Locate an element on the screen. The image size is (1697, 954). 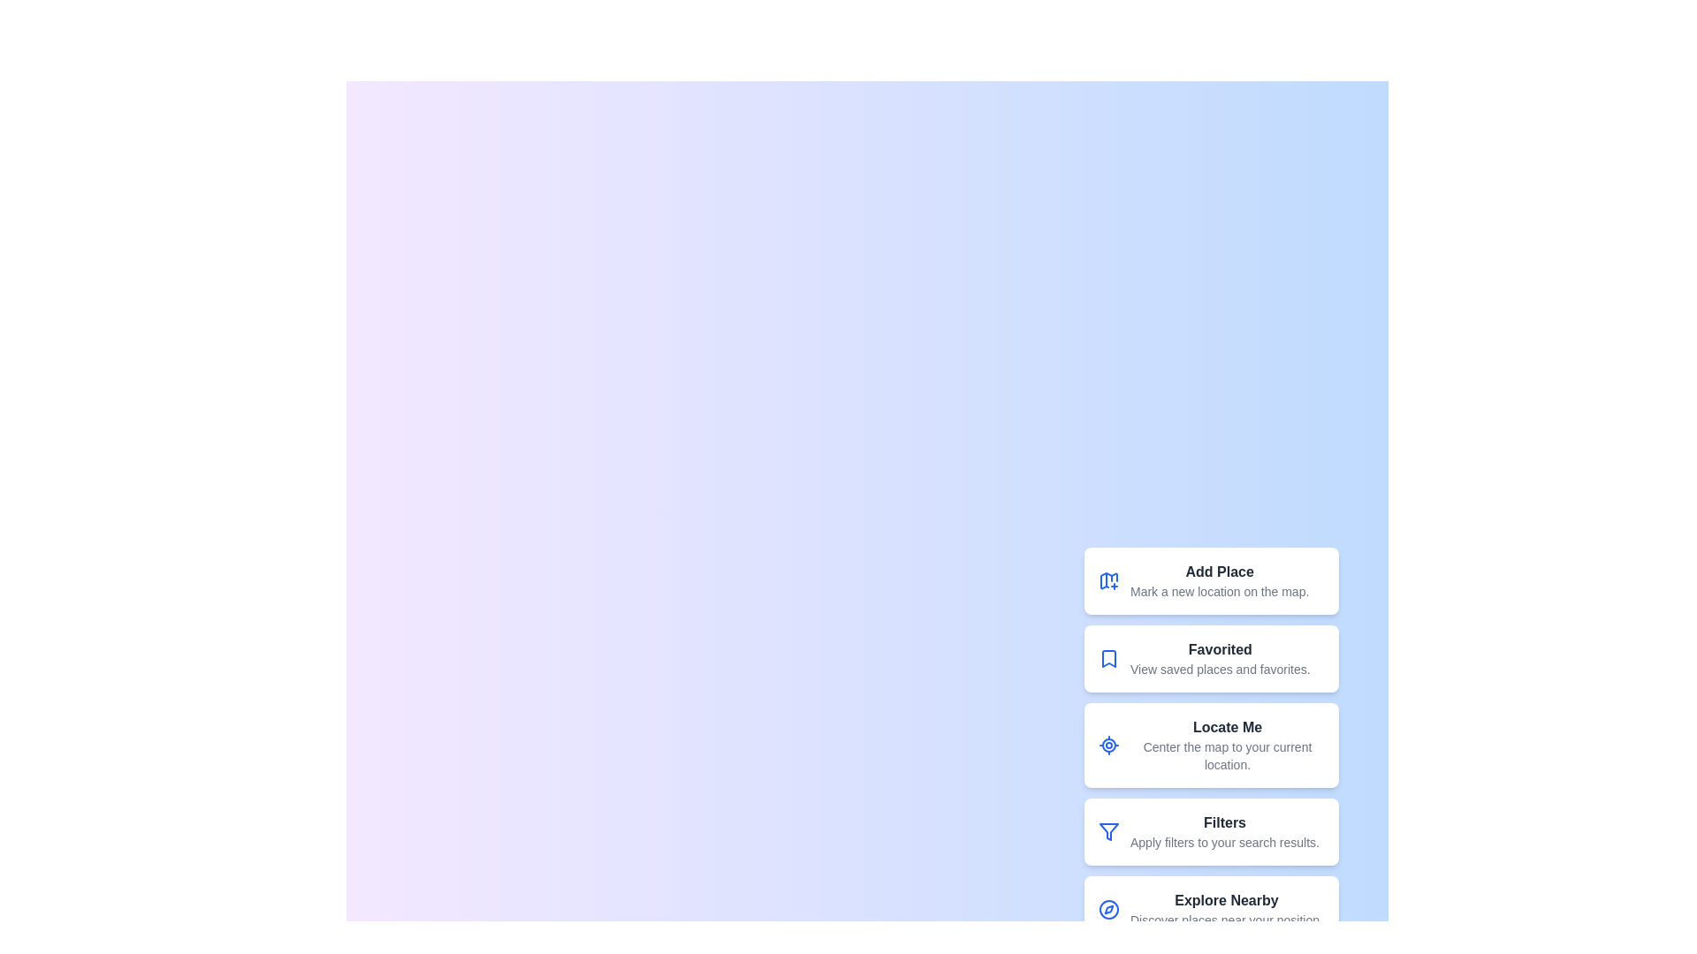
the 'Add Place' button to mark a new location on the map is located at coordinates (1219, 581).